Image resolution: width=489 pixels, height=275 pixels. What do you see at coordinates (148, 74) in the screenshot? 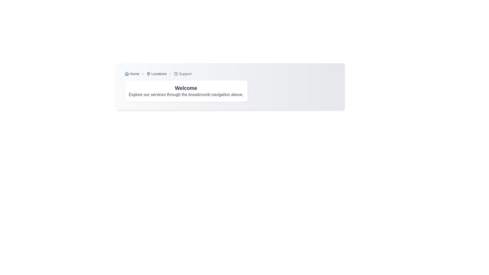
I see `the Map Pin icon located to the left of the 'Locations' label in the breadcrumb navigation bar` at bounding box center [148, 74].